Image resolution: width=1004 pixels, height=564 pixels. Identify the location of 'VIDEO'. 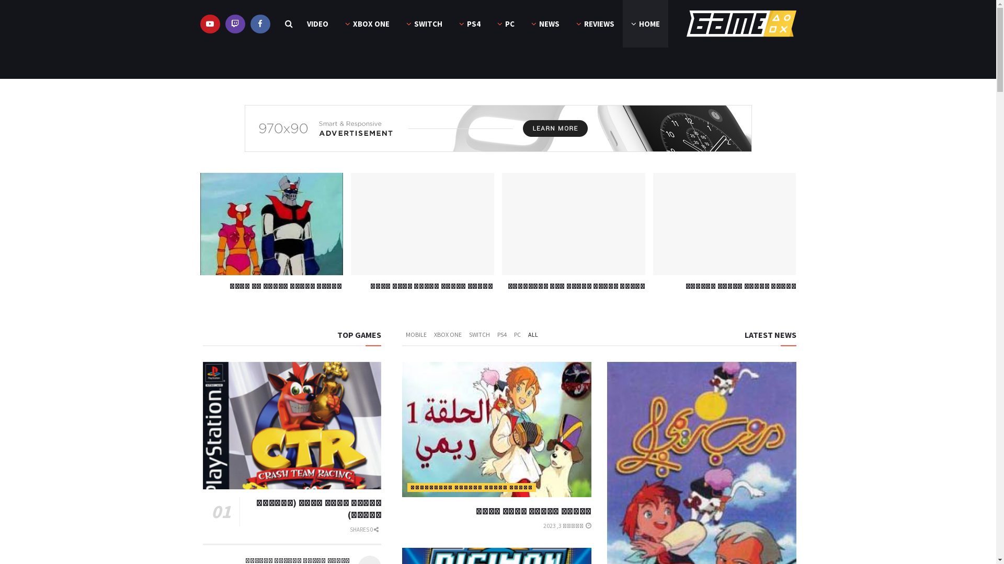
(298, 23).